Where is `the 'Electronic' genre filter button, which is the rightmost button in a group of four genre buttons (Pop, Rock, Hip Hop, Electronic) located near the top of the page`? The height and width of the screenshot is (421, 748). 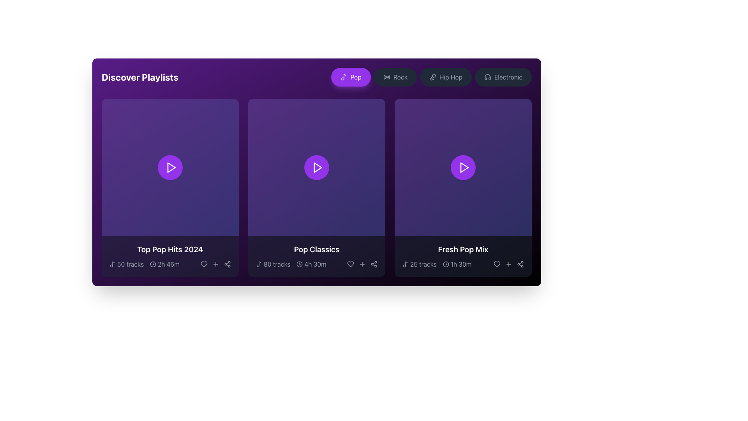 the 'Electronic' genre filter button, which is the rightmost button in a group of four genre buttons (Pop, Rock, Hip Hop, Electronic) located near the top of the page is located at coordinates (503, 77).